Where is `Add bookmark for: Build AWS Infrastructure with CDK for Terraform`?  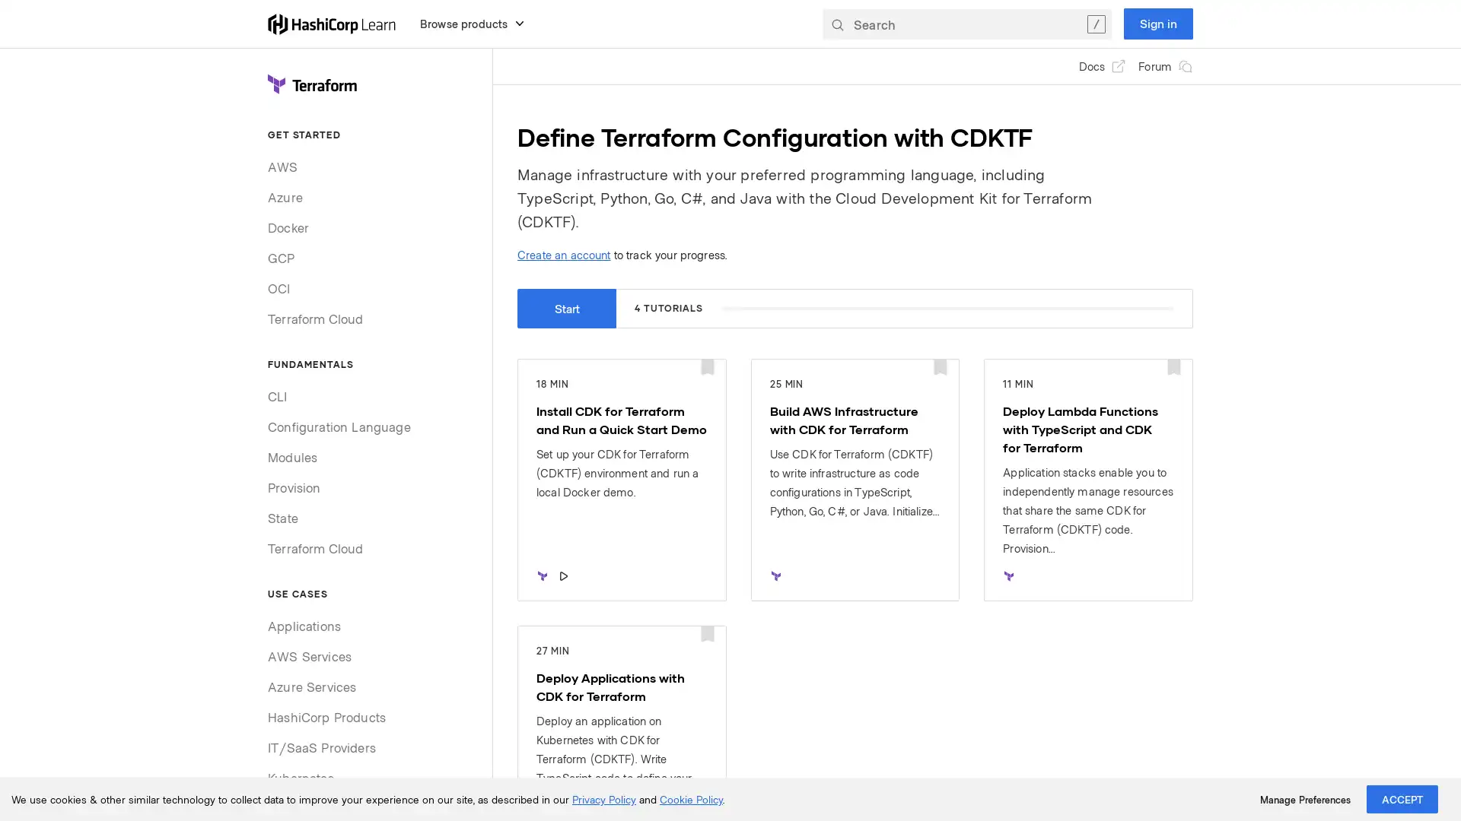
Add bookmark for: Build AWS Infrastructure with CDK for Terraform is located at coordinates (940, 368).